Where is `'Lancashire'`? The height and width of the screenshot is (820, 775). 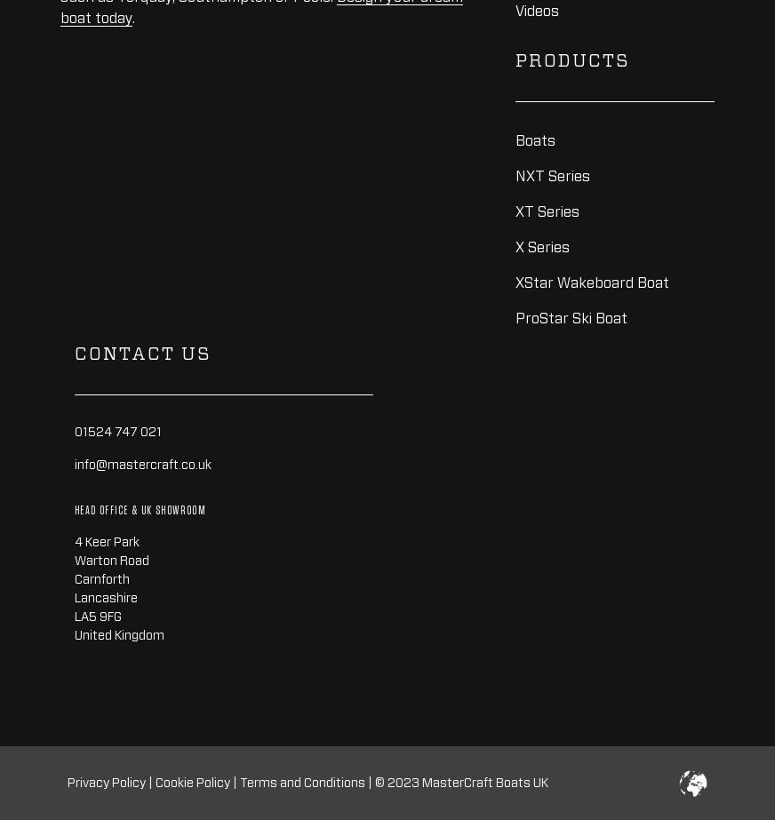
'Lancashire' is located at coordinates (106, 596).